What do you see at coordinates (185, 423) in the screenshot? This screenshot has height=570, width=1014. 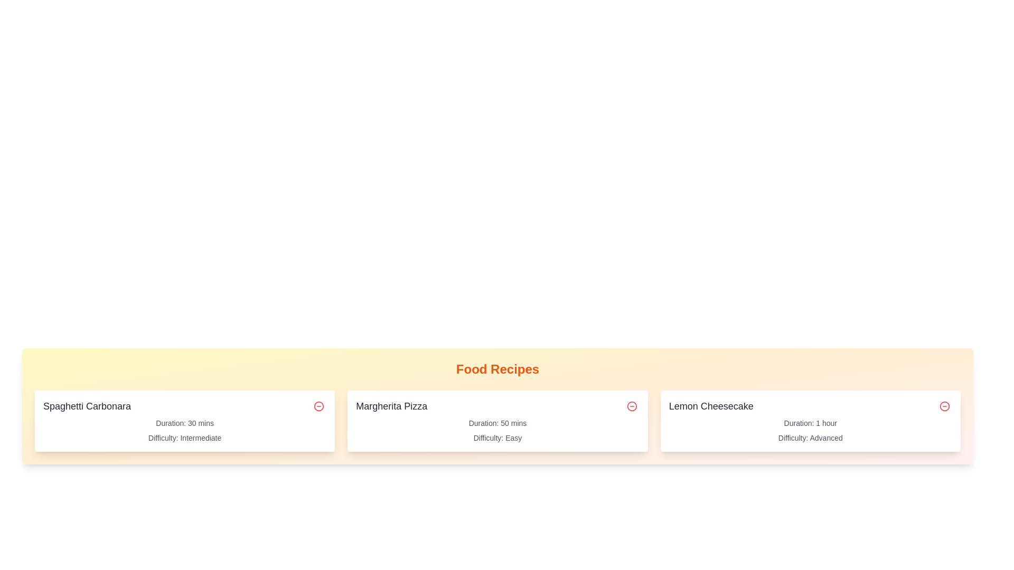 I see `the text label indicating the preparation duration of the 'Spaghetti Carbonara' recipe, which is positioned above the 'Difficulty: Intermediate' label and below the recipe title` at bounding box center [185, 423].